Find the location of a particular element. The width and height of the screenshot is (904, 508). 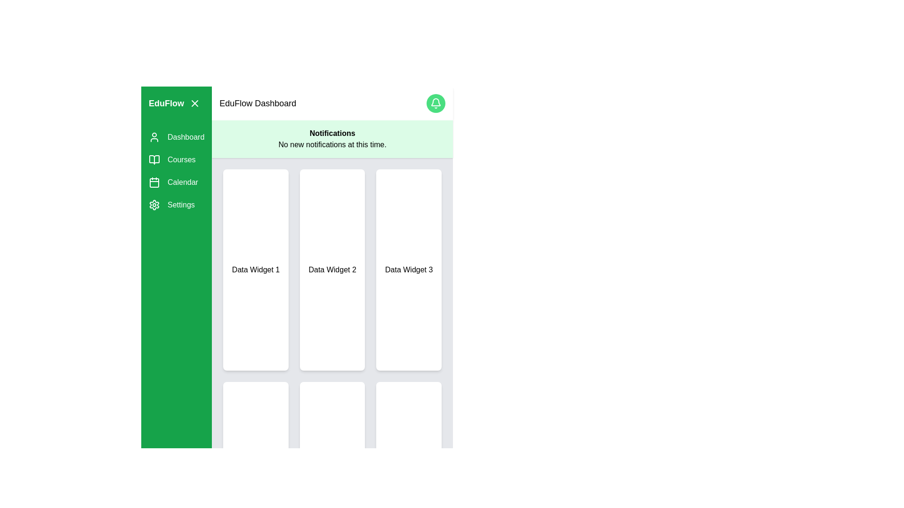

the Text label that serves as the header for the notification panel, located at the top of the panel is located at coordinates (332, 134).